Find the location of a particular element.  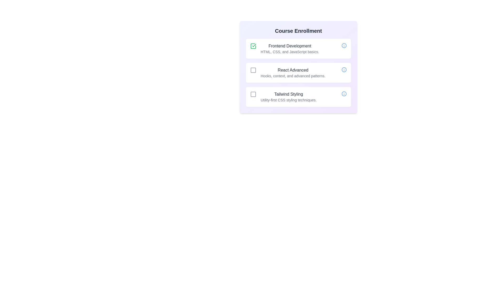

the circular graphical element with a solid outline and transparent fill, styled in blue, located next to the 'Frontend Development' text label in the Course Enrollment section is located at coordinates (344, 45).